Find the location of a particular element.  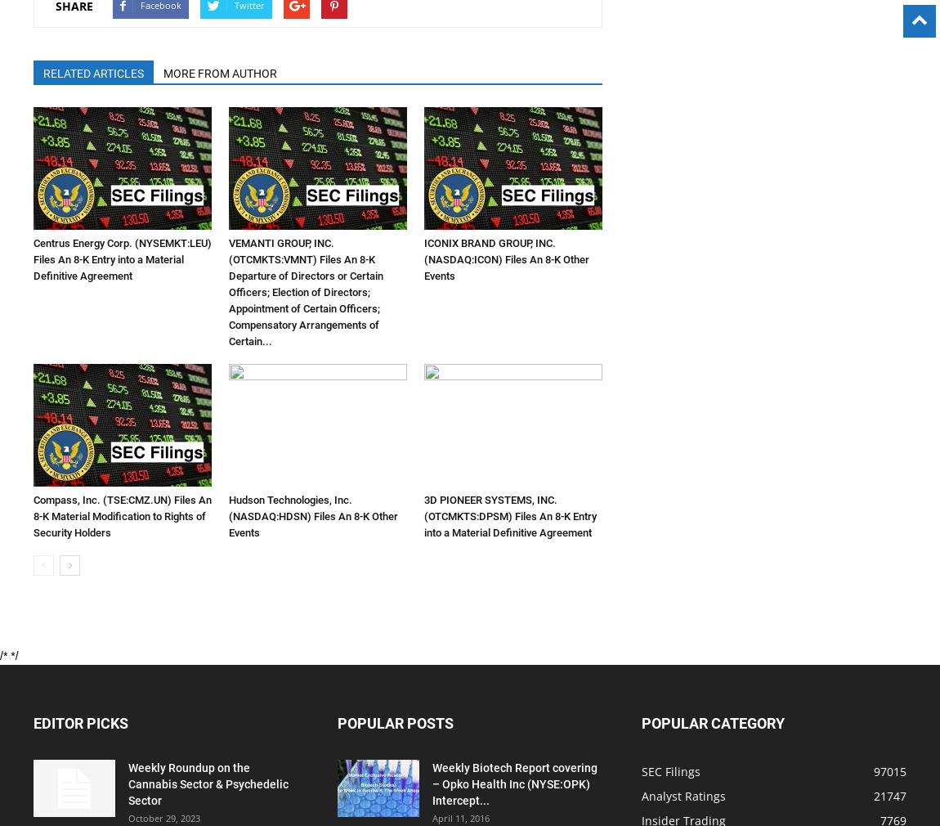

'POPULAR CATEGORY' is located at coordinates (713, 723).